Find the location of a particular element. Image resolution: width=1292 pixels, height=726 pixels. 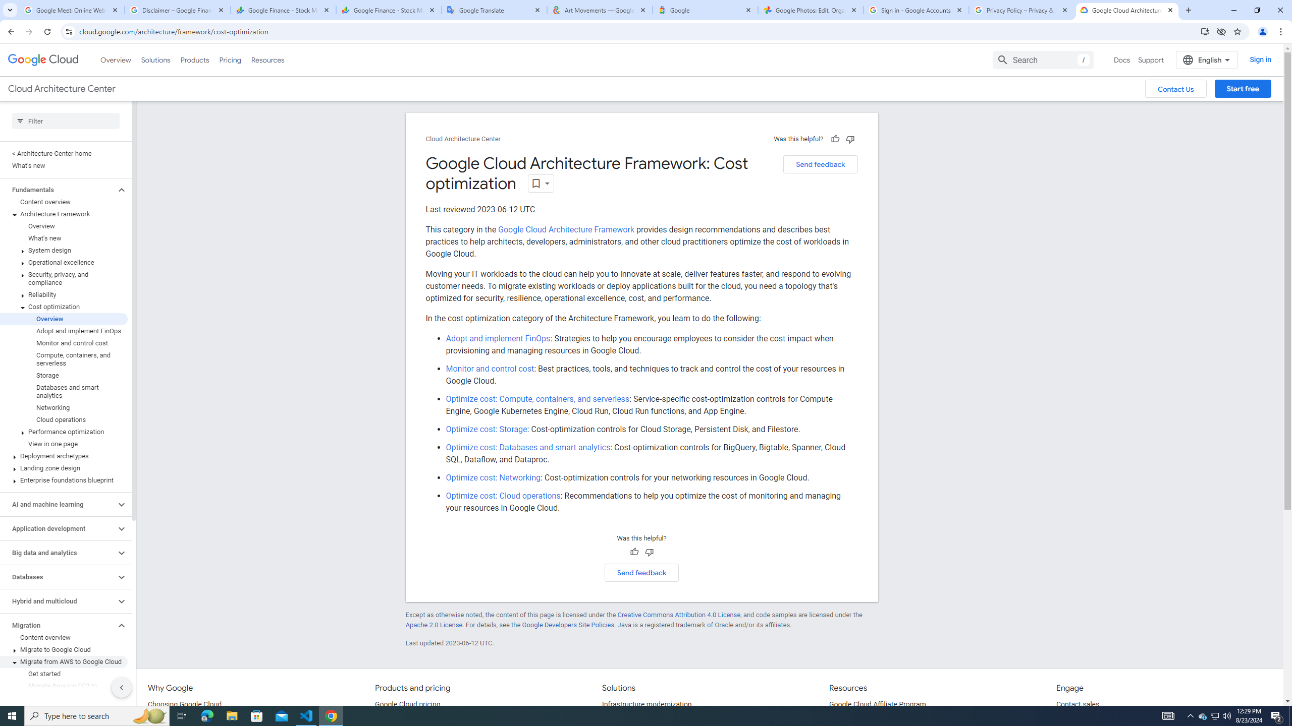

'Deployment archetypes' is located at coordinates (64, 456).